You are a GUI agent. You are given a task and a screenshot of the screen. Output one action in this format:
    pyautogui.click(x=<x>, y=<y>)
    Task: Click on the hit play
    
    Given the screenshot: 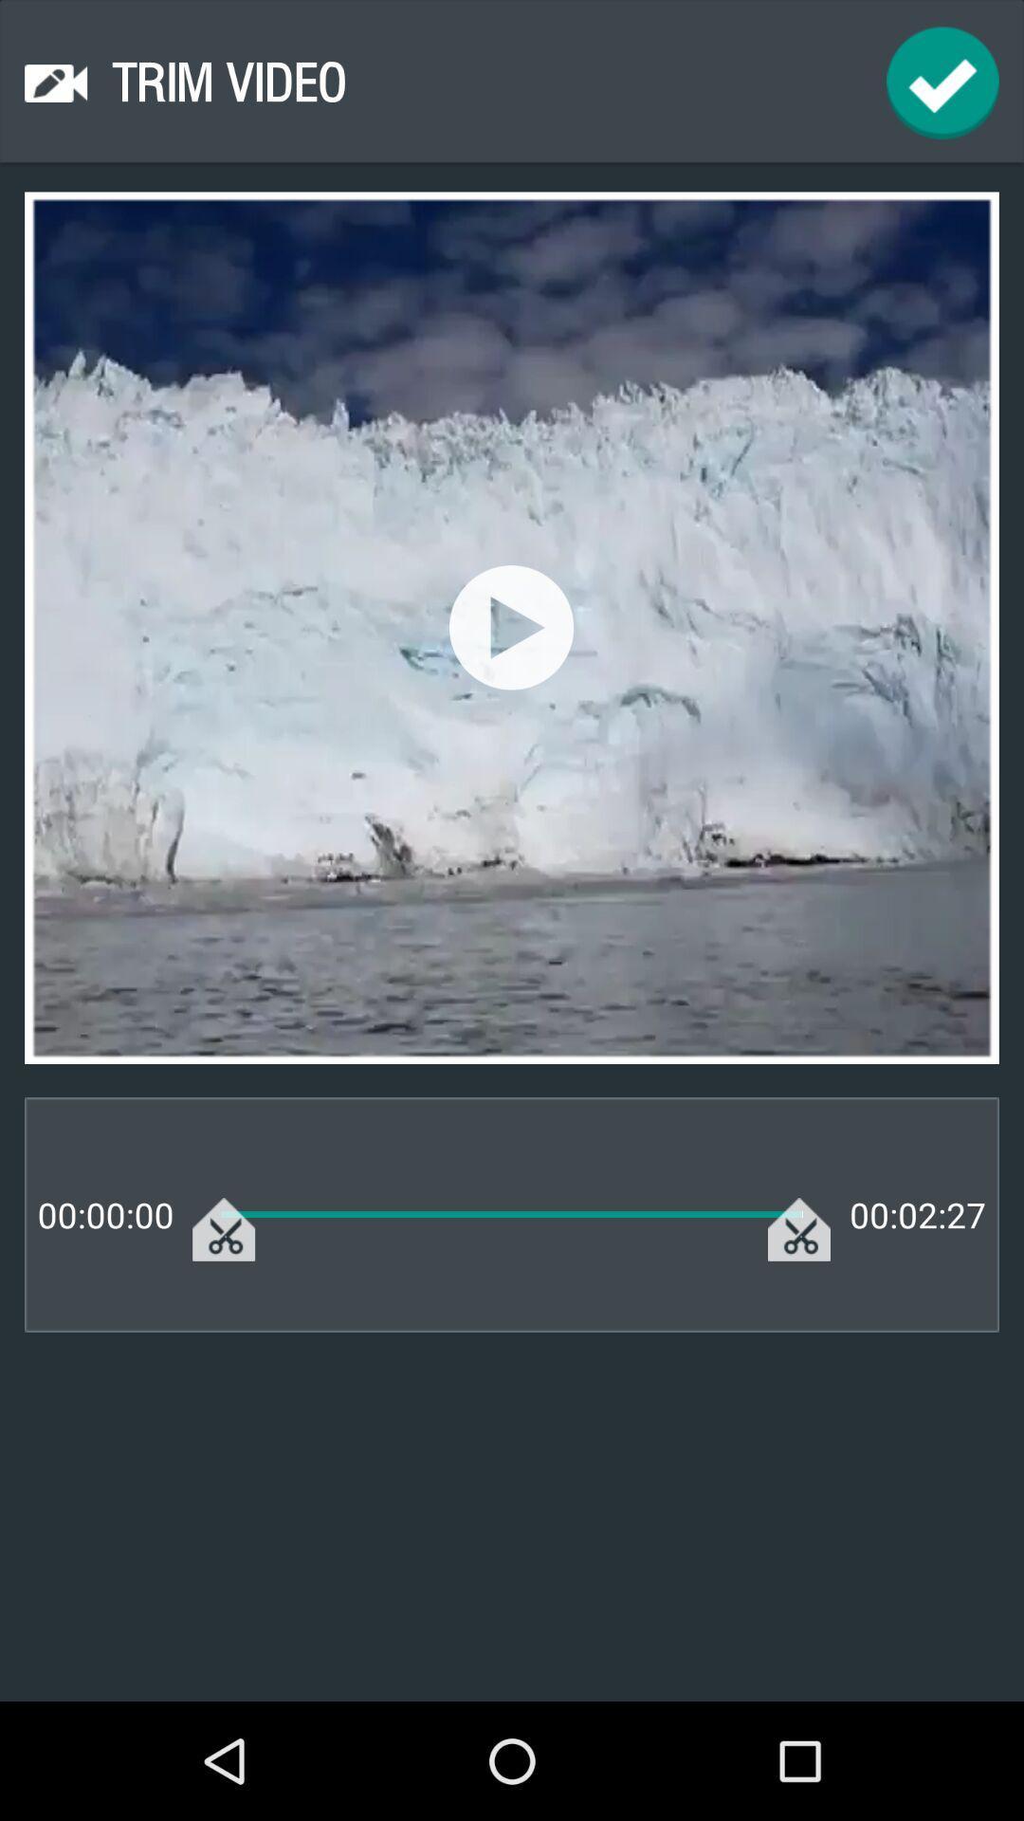 What is the action you would take?
    pyautogui.click(x=510, y=627)
    